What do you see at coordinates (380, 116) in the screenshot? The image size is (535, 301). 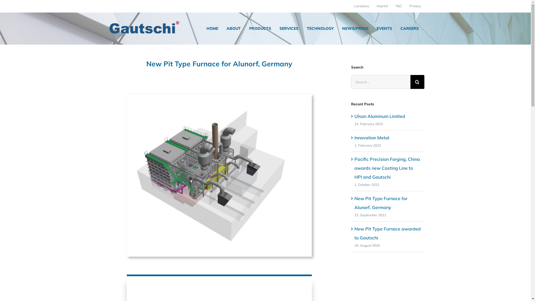 I see `'Ulsan Aluminum Limited'` at bounding box center [380, 116].